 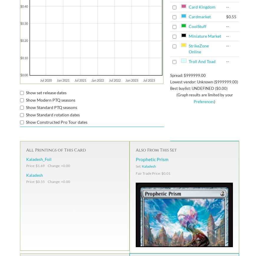 What do you see at coordinates (153, 173) in the screenshot?
I see `'Fair Trade Price: $0.01'` at bounding box center [153, 173].